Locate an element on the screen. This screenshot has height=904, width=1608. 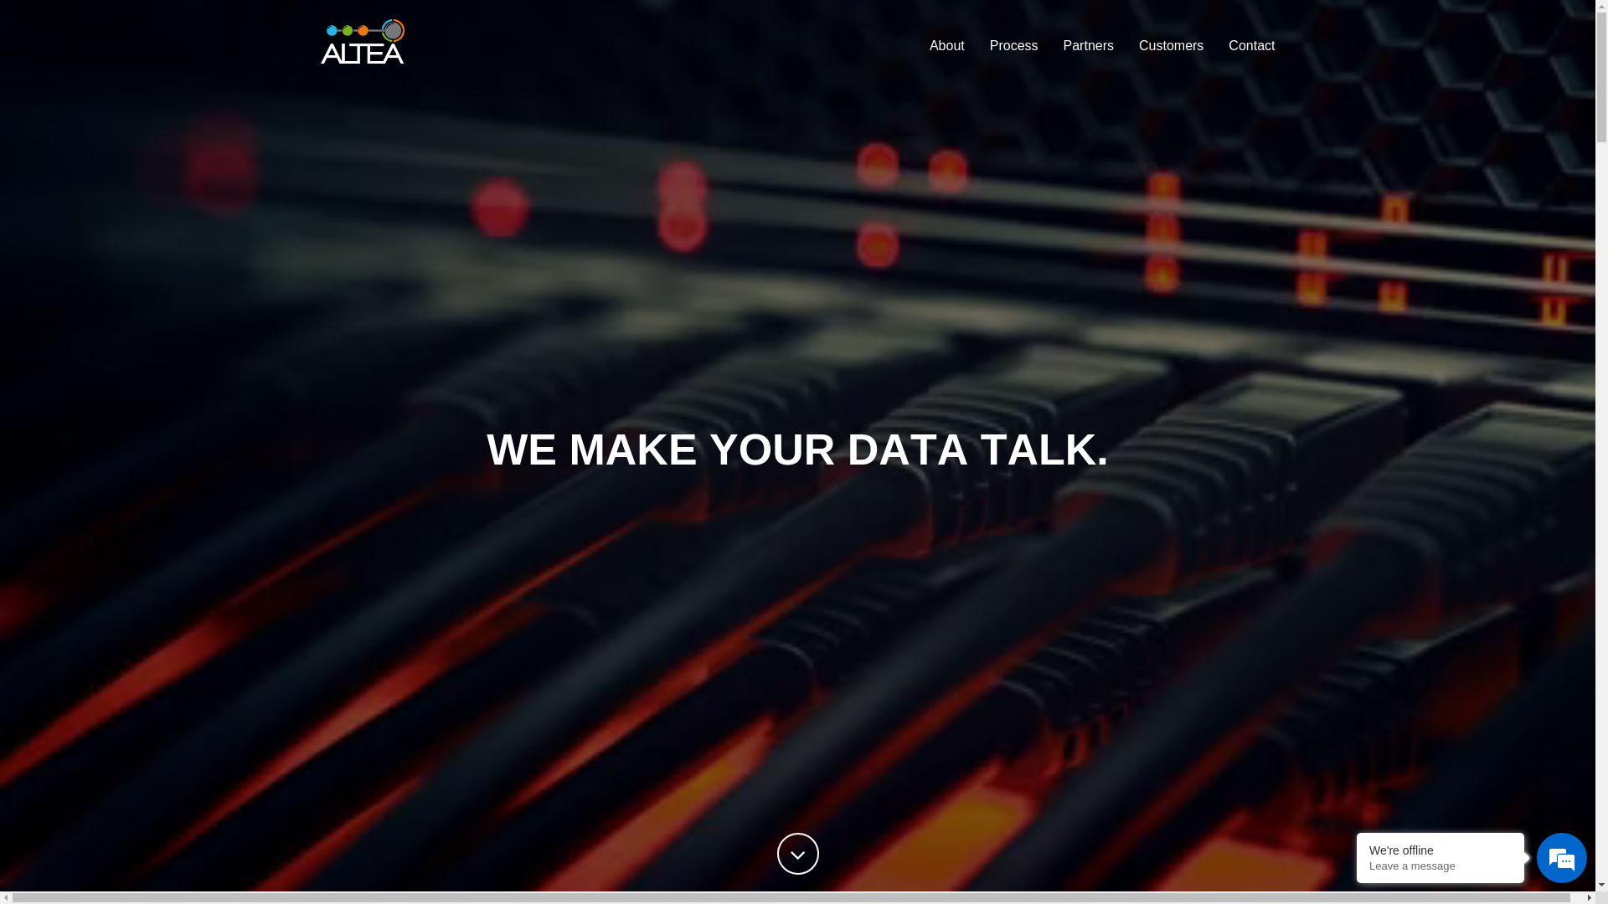
'Contact' is located at coordinates (1215, 44).